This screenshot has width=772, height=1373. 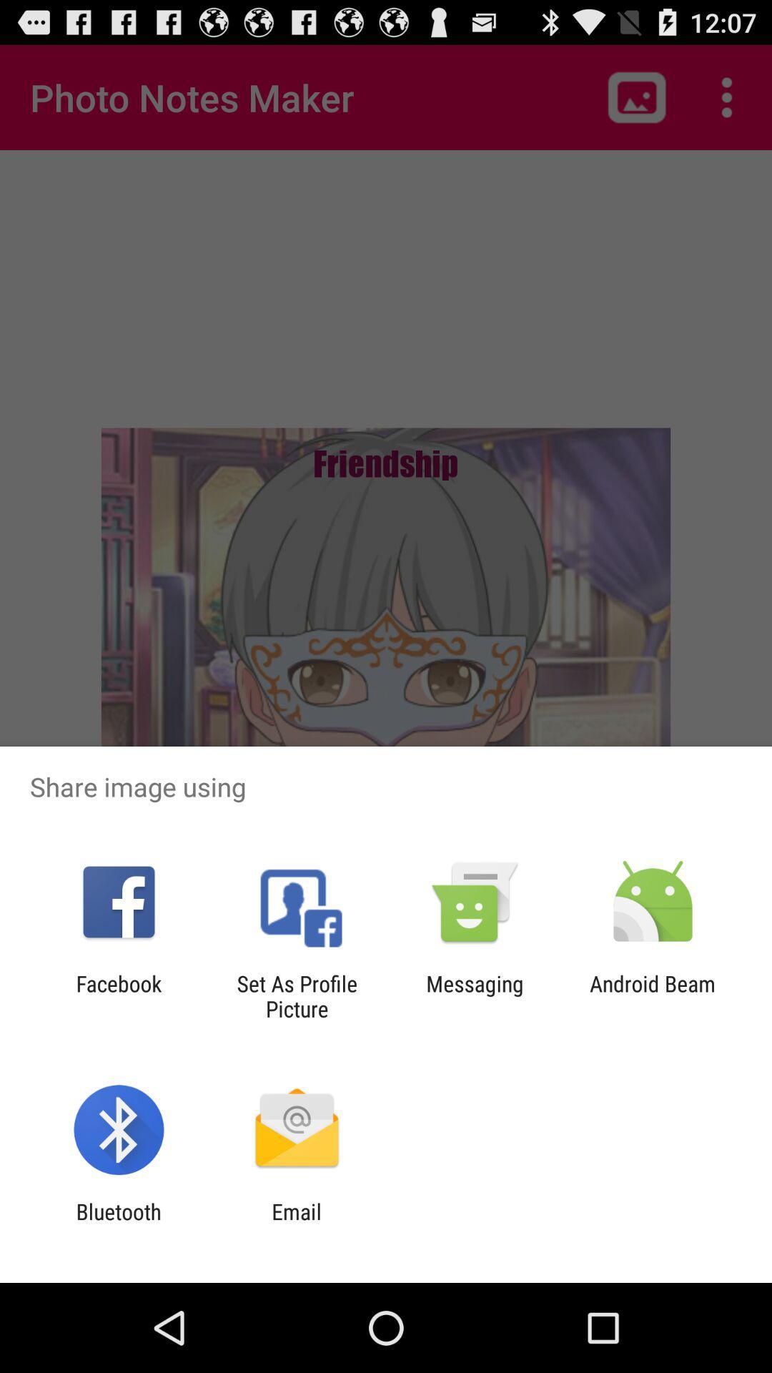 I want to click on icon to the right of the bluetooth icon, so click(x=296, y=1224).